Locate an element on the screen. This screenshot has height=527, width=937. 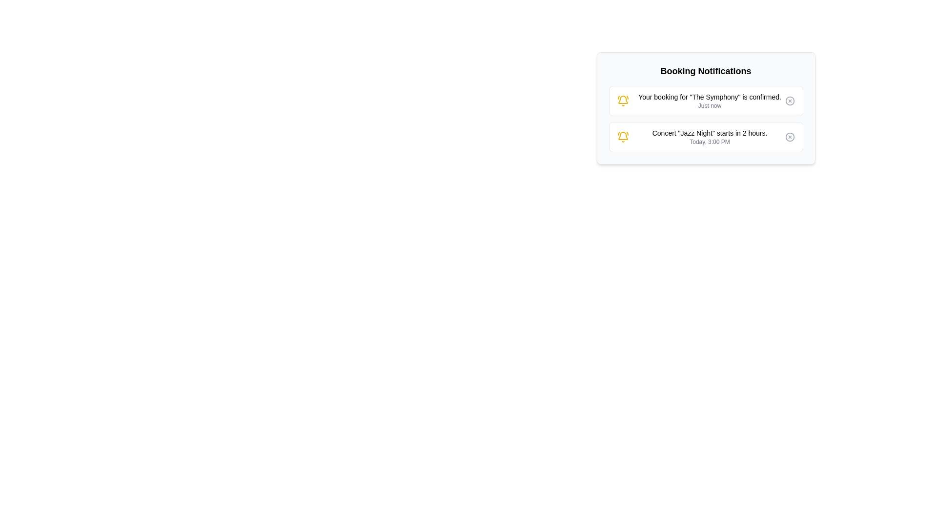
the icon to display the tooltip for Concert reminder is located at coordinates (622, 137).